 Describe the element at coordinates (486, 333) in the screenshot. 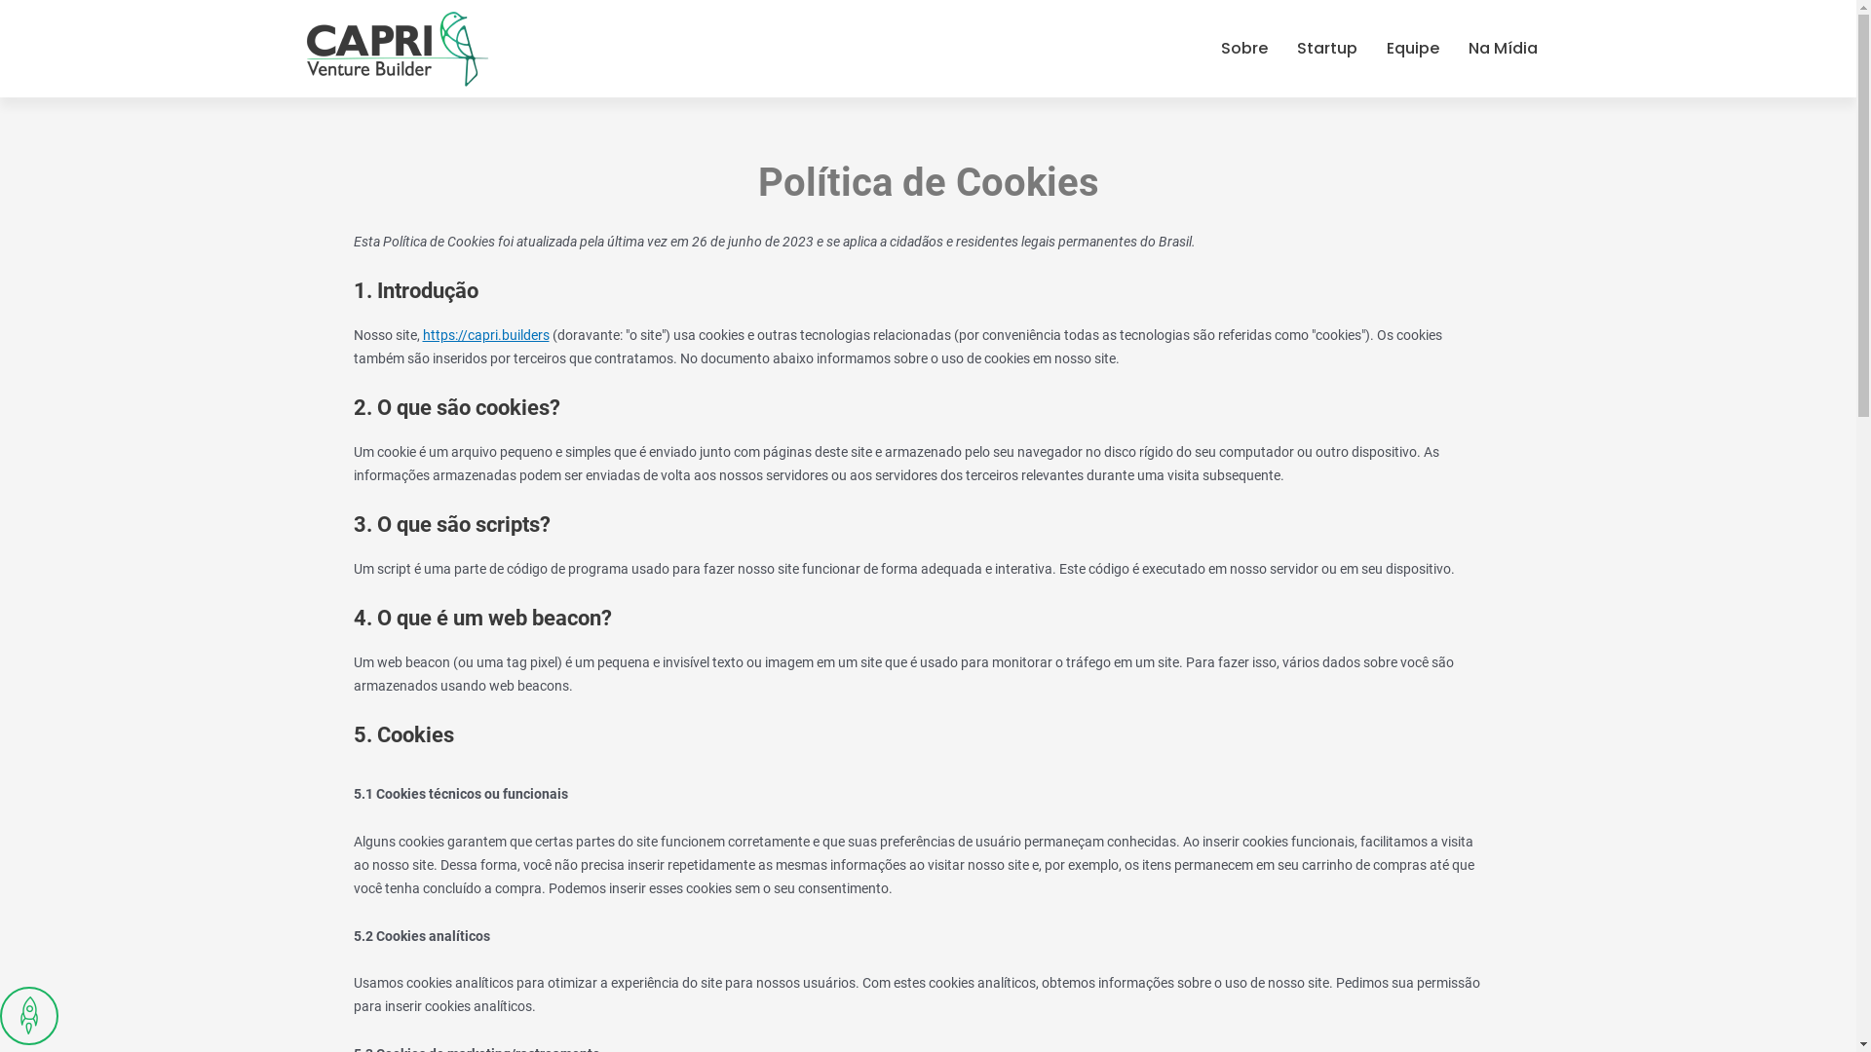

I see `'https://capri.builders'` at that location.